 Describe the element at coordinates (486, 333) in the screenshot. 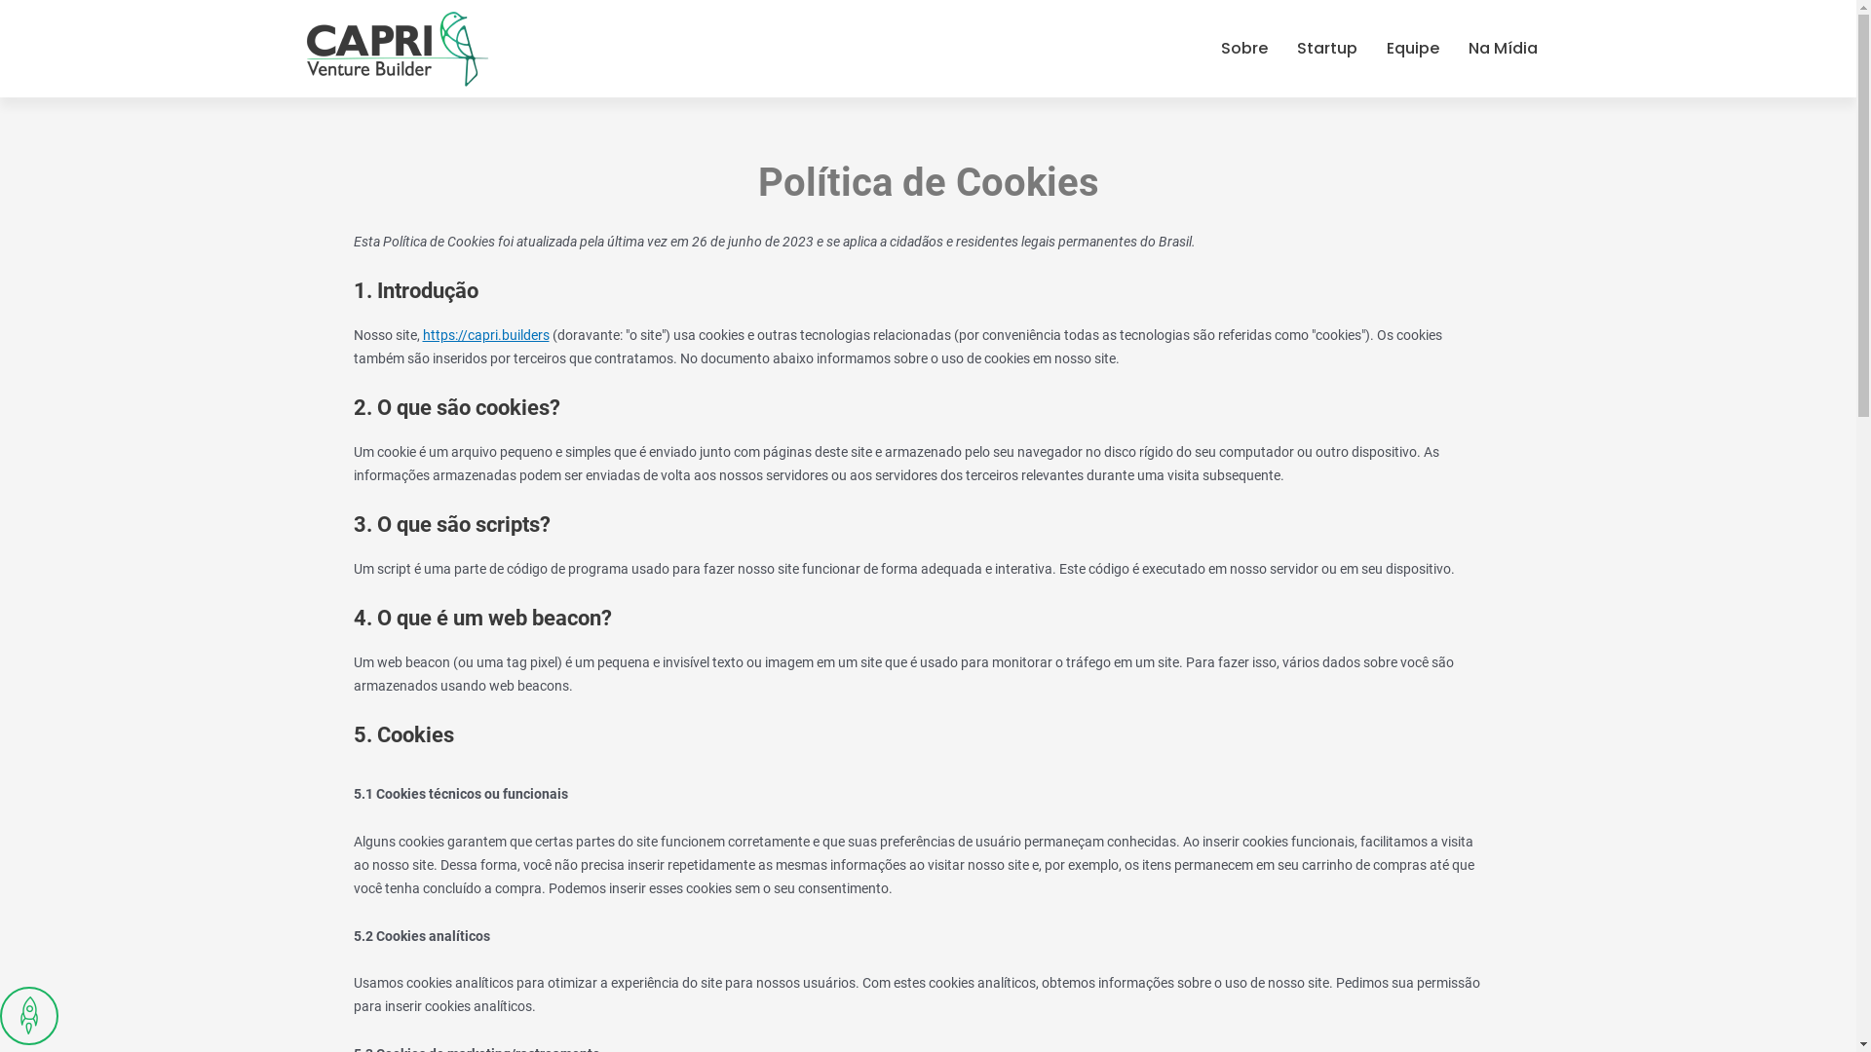

I see `'https://capri.builders'` at that location.